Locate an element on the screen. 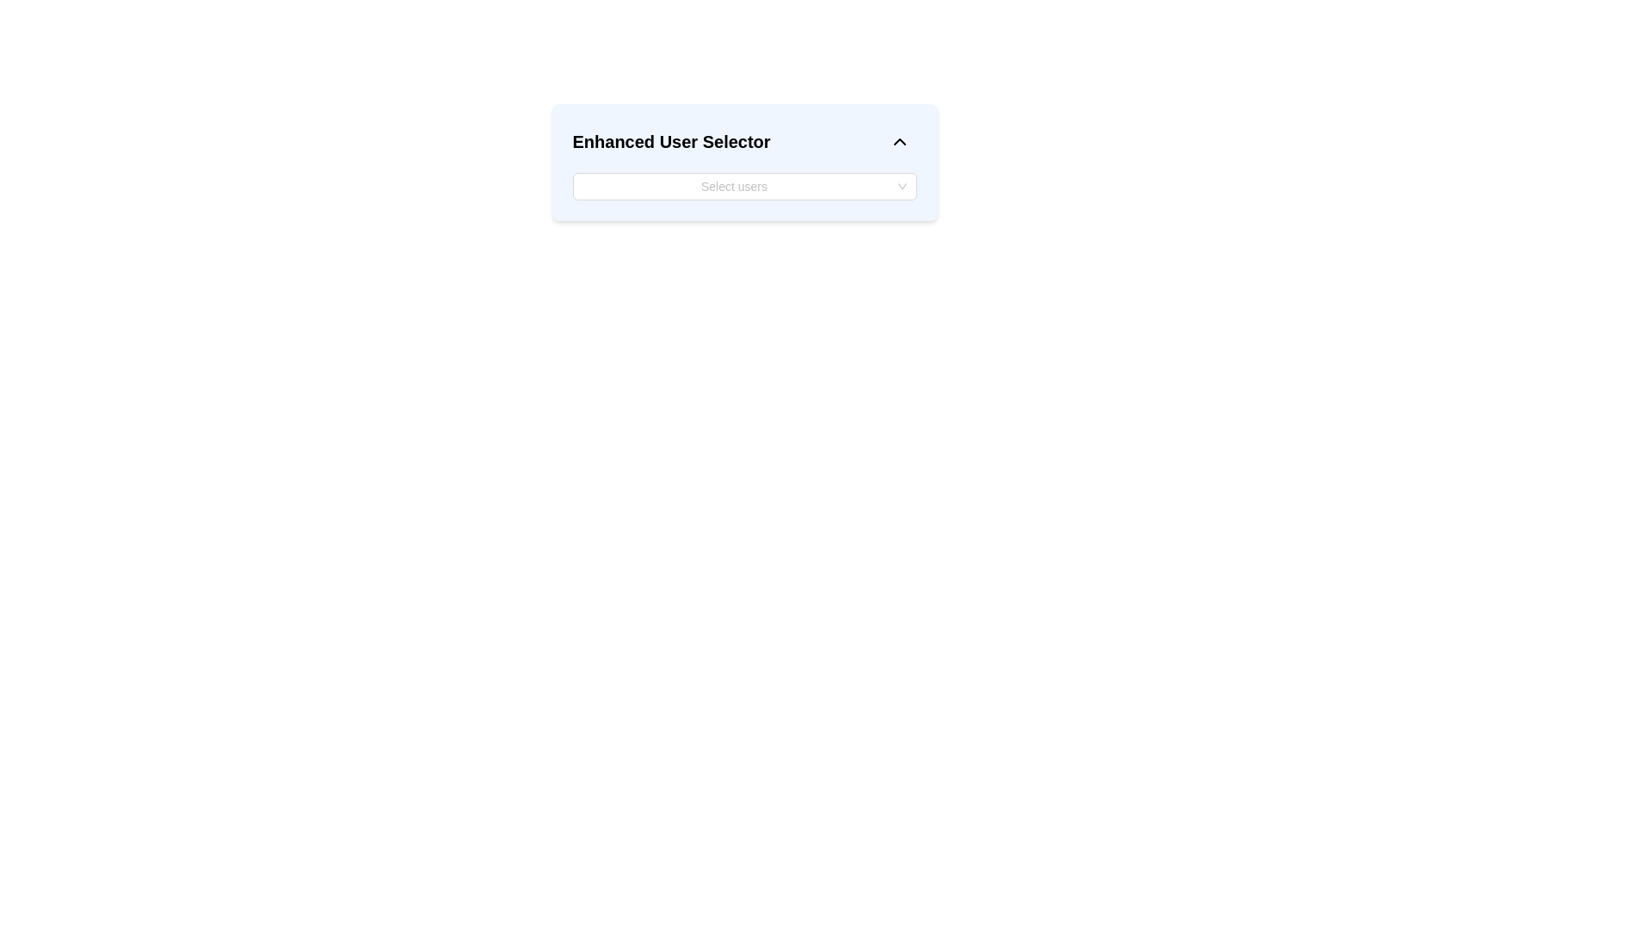  the Placeholder text inside the 'Enhanced User Selector' dropdown component, which guides the user for selecting users is located at coordinates (734, 186).